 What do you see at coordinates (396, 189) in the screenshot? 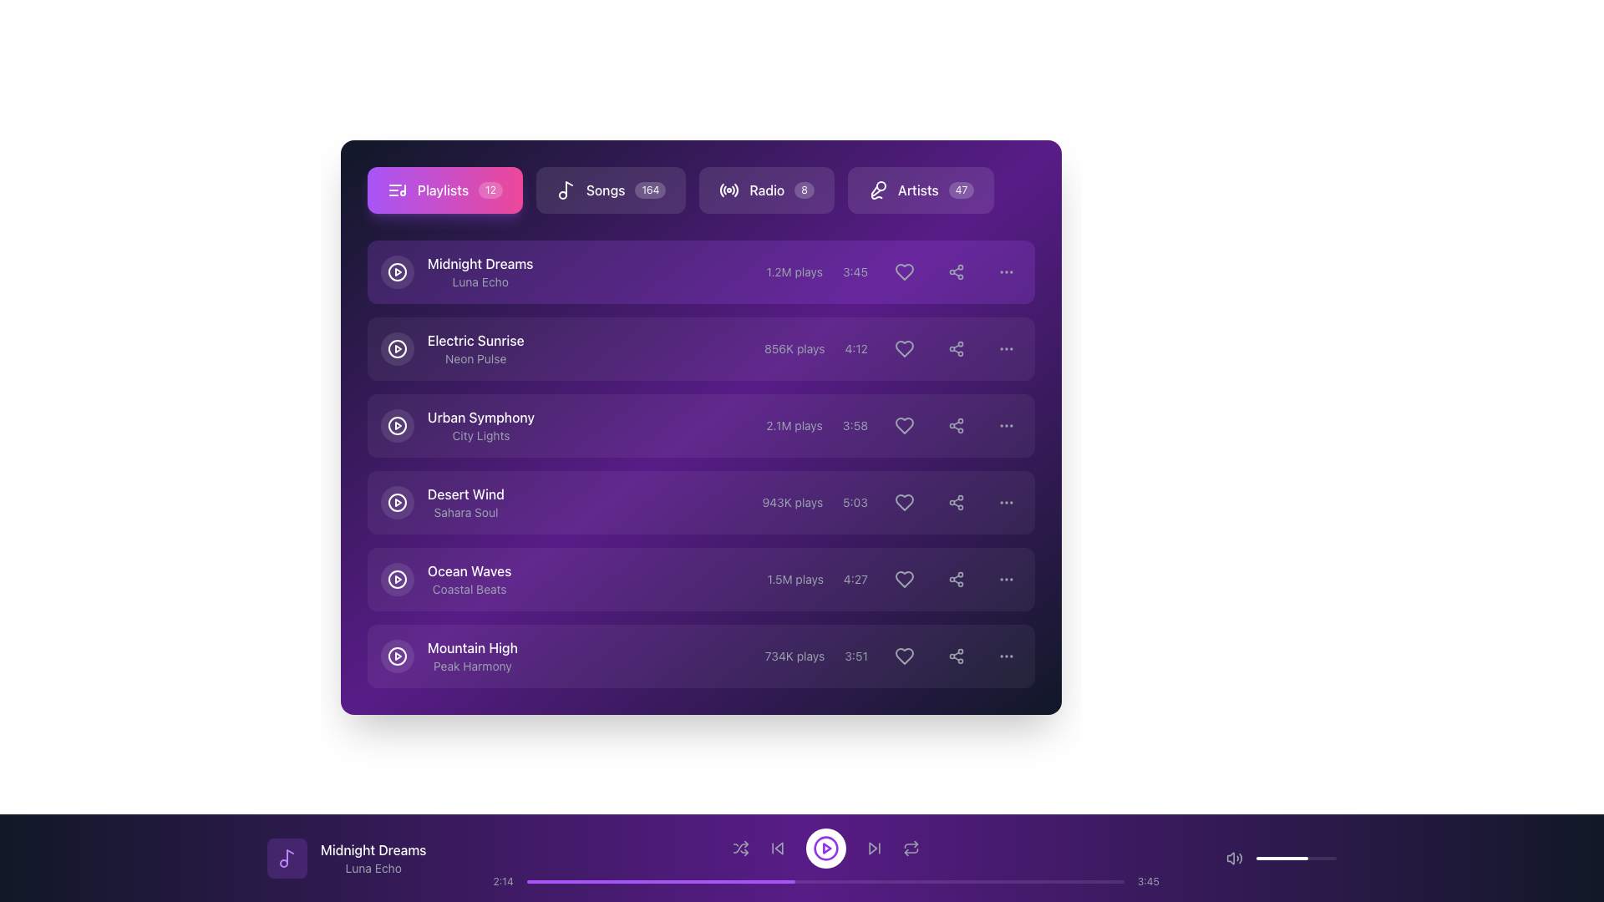
I see `the musical notation icon located within the 'Playlists' button in the top-left corner of the interface` at bounding box center [396, 189].